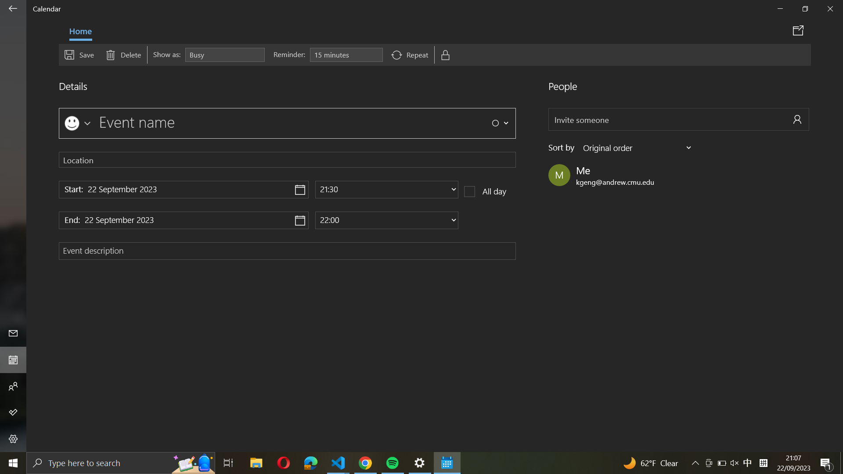 The width and height of the screenshot is (843, 474). What do you see at coordinates (183, 189) in the screenshot?
I see `Change the starting date to "31 December 2021` at bounding box center [183, 189].